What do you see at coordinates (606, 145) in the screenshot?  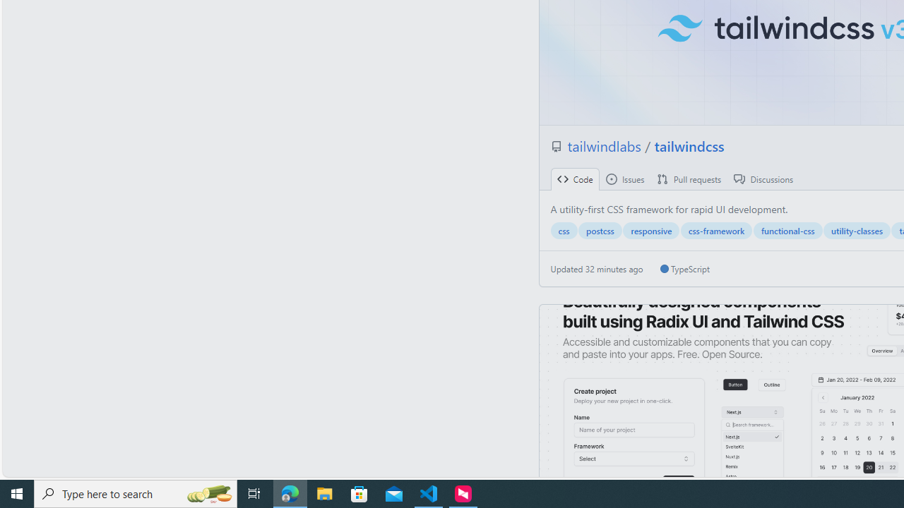 I see `'tailwindlabs '` at bounding box center [606, 145].